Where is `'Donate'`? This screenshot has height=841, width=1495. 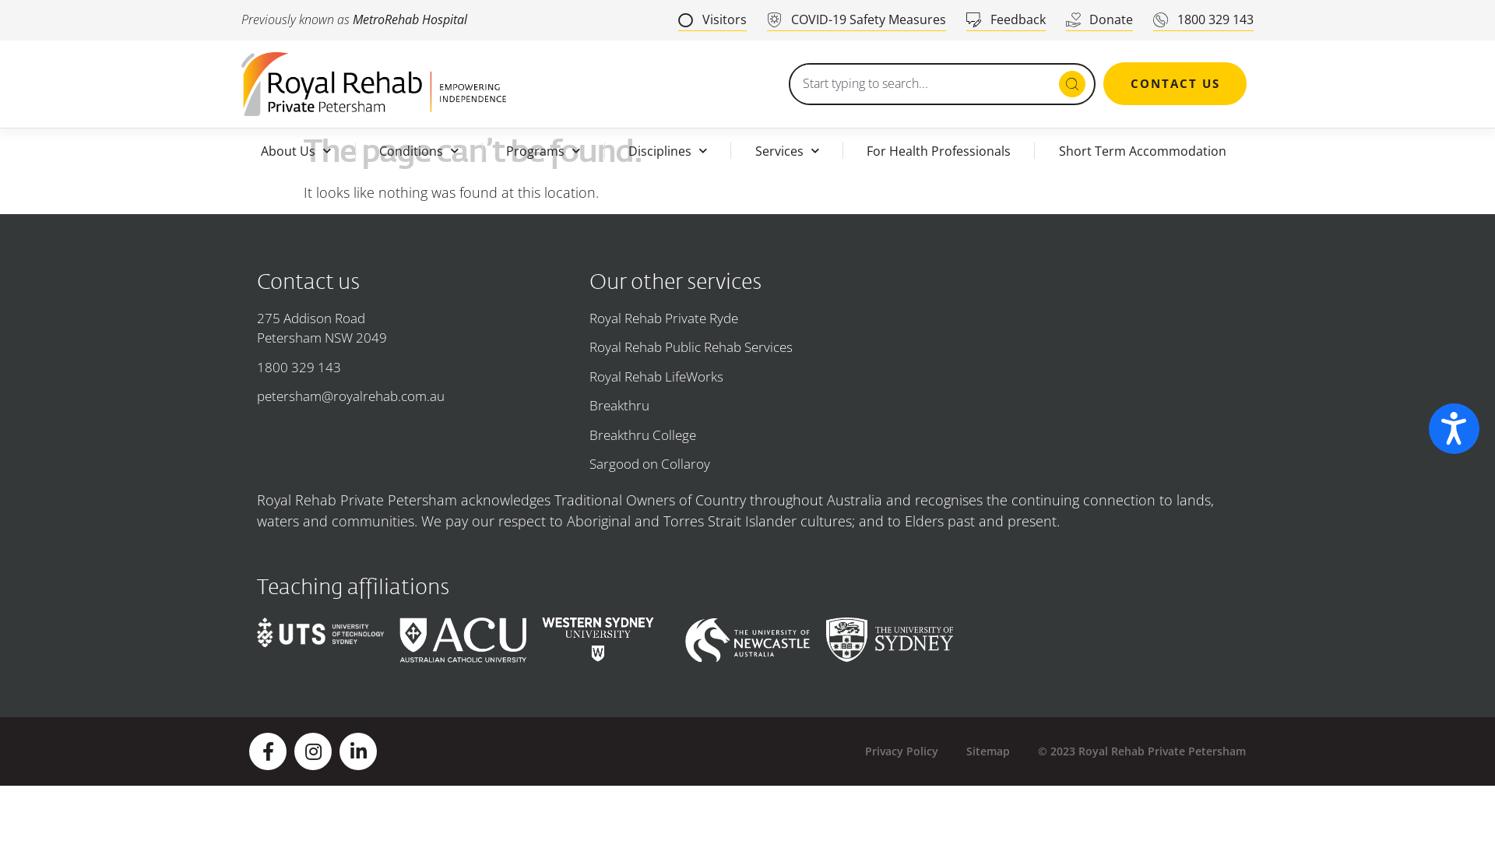
'Donate' is located at coordinates (1098, 20).